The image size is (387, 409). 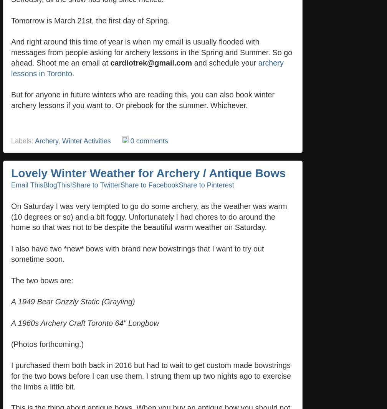 What do you see at coordinates (73, 73) in the screenshot?
I see `'.'` at bounding box center [73, 73].